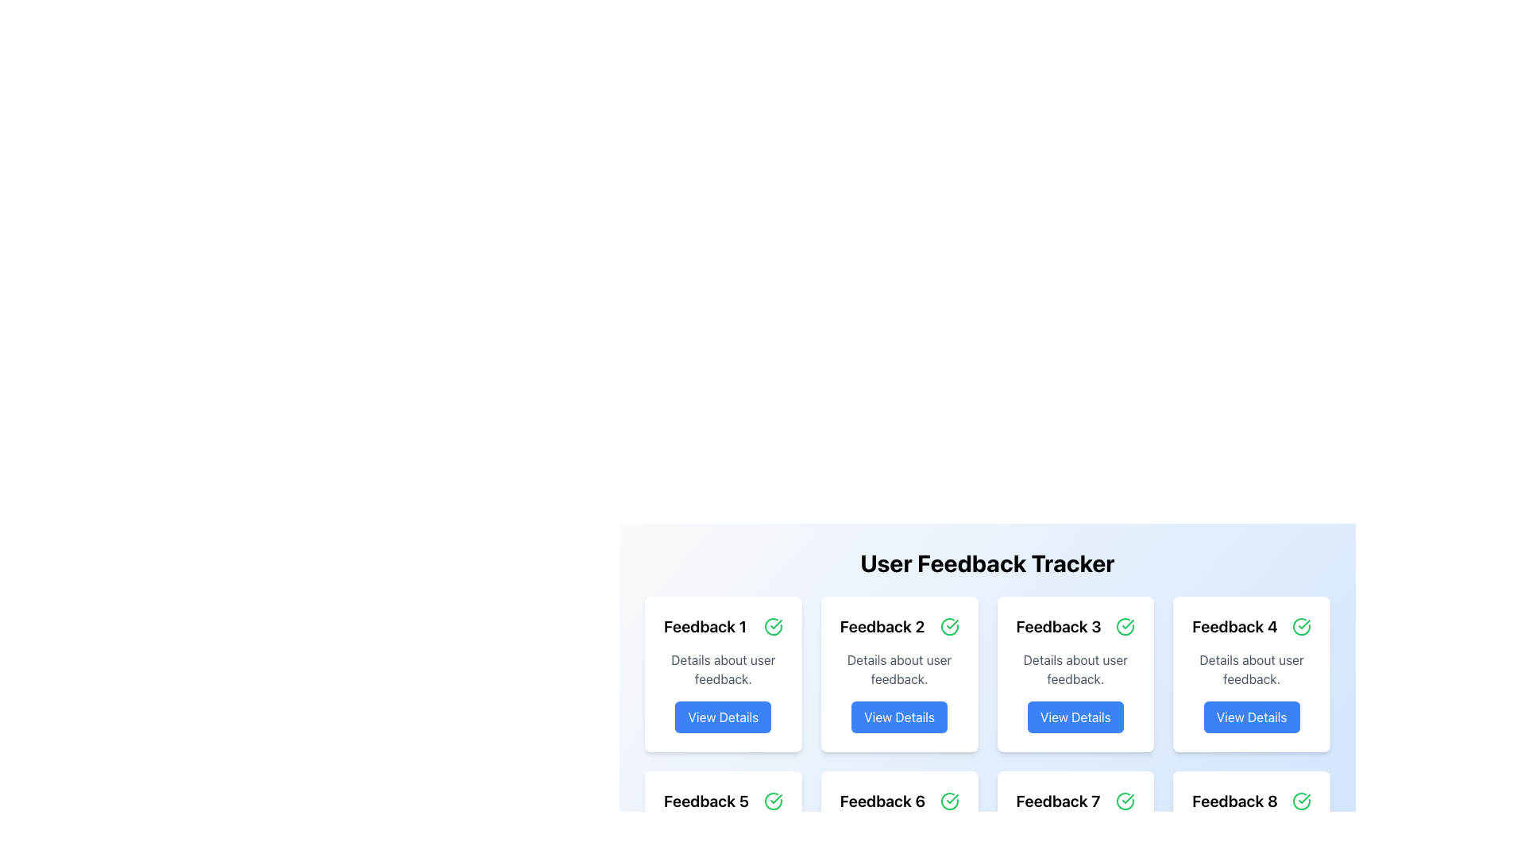 The image size is (1525, 857). What do you see at coordinates (899, 717) in the screenshot?
I see `the button that allows users` at bounding box center [899, 717].